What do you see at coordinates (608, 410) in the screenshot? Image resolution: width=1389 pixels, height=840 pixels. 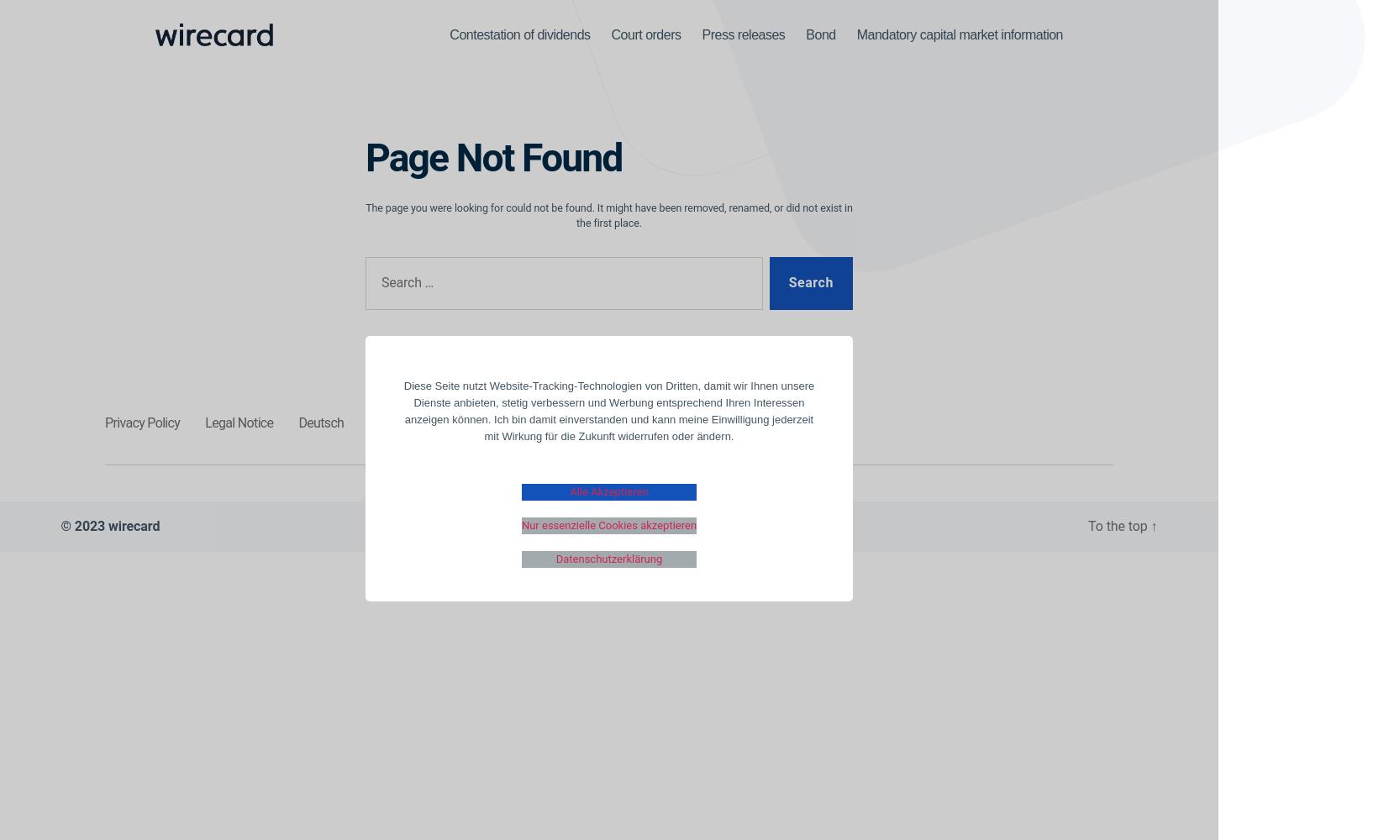 I see `'Diese Seite nutzt Website-Tracking-Technologien von Dritten, damit wir Ihnen unsere Dienste anbieten, stetig verbessern und Werbung entsprechend Ihren Interessen anzeigen können. Ich bin damit einverstanden und kann meine Einwilligung jederzeit mit Wirkung für die Zukunft widerrufen oder ändern.'` at bounding box center [608, 410].